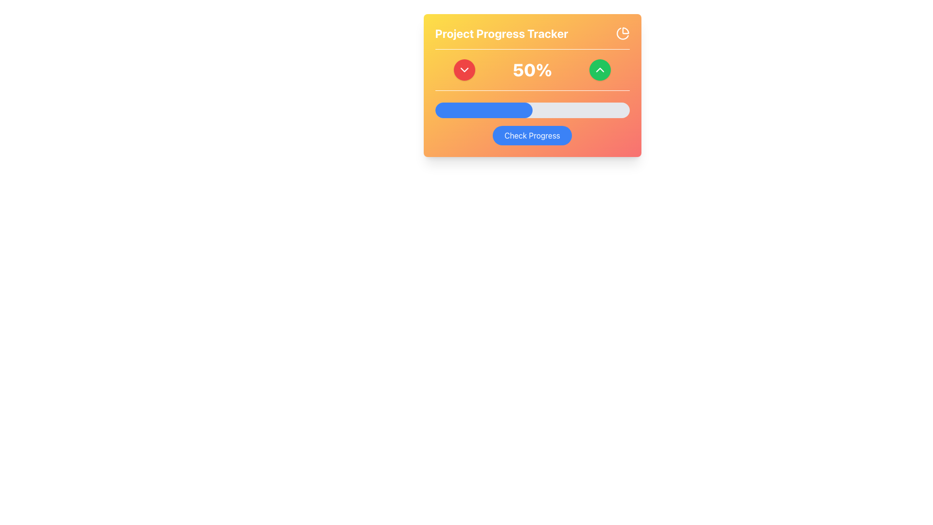  I want to click on the increment button located to the right of the '50%' text, which features an upward chevron icon, so click(600, 69).